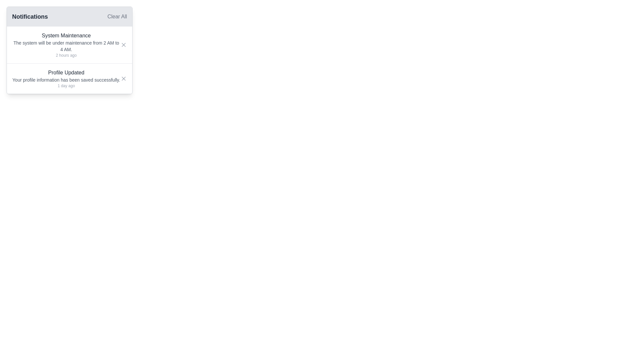 The image size is (630, 354). Describe the element at coordinates (69, 78) in the screenshot. I see `the notification titled 'Profile Updated' located below the 'System Maintenance' notification in the Notifications list` at that location.